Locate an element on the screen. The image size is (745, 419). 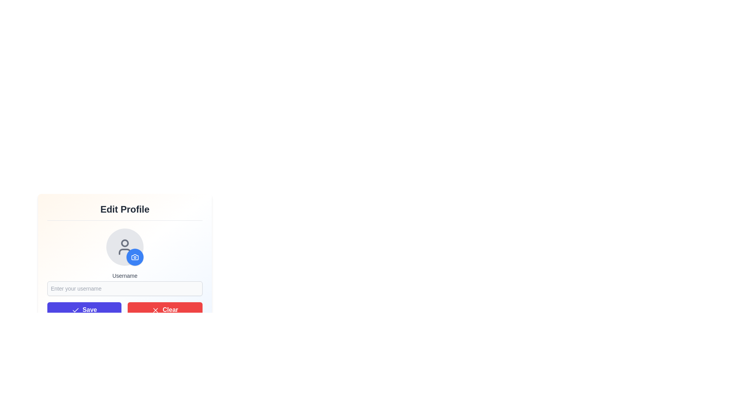
the circular user profile icon with a gray stroke and light gray background, located above the 'Username' text input field and below the 'Edit Profile' heading is located at coordinates (125, 247).